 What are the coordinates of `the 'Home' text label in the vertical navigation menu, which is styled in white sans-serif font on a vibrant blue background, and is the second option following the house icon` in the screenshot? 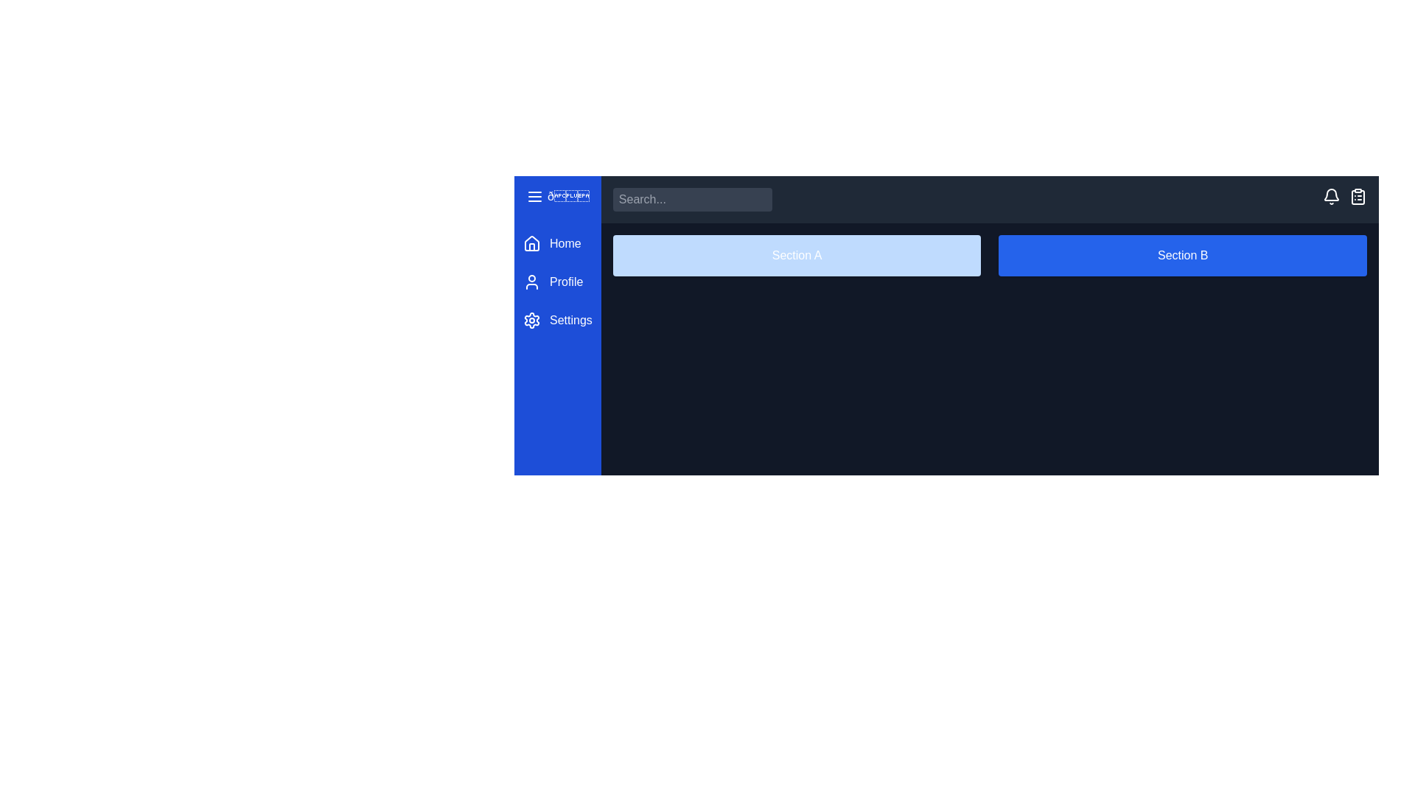 It's located at (565, 243).